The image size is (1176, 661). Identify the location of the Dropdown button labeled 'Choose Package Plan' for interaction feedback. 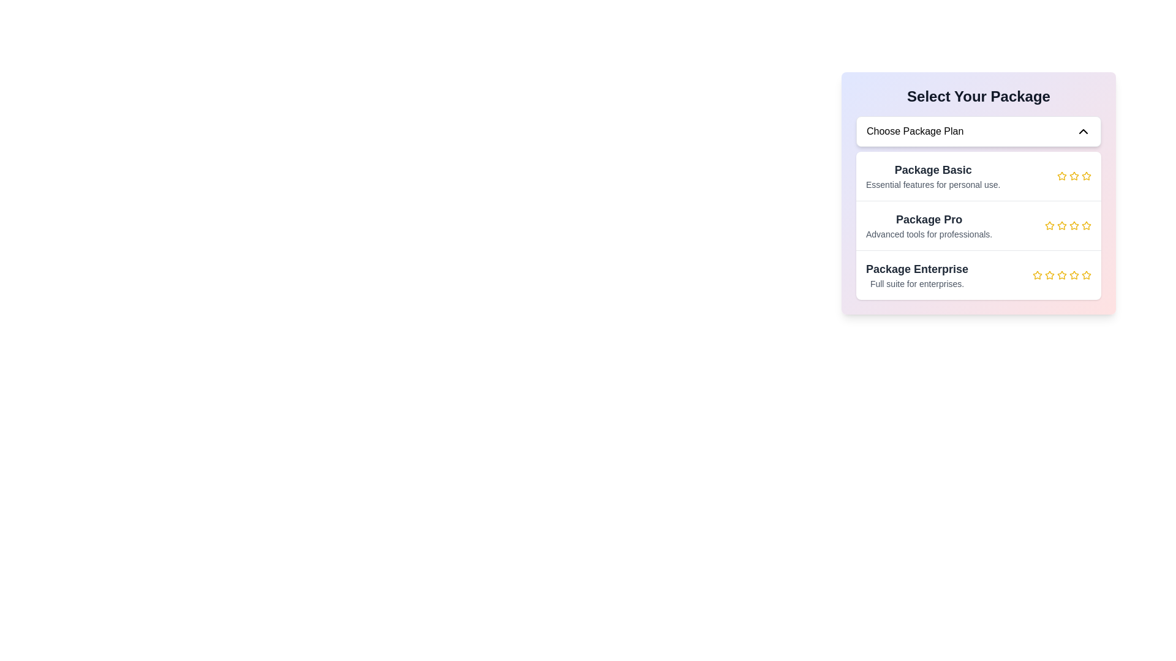
(978, 132).